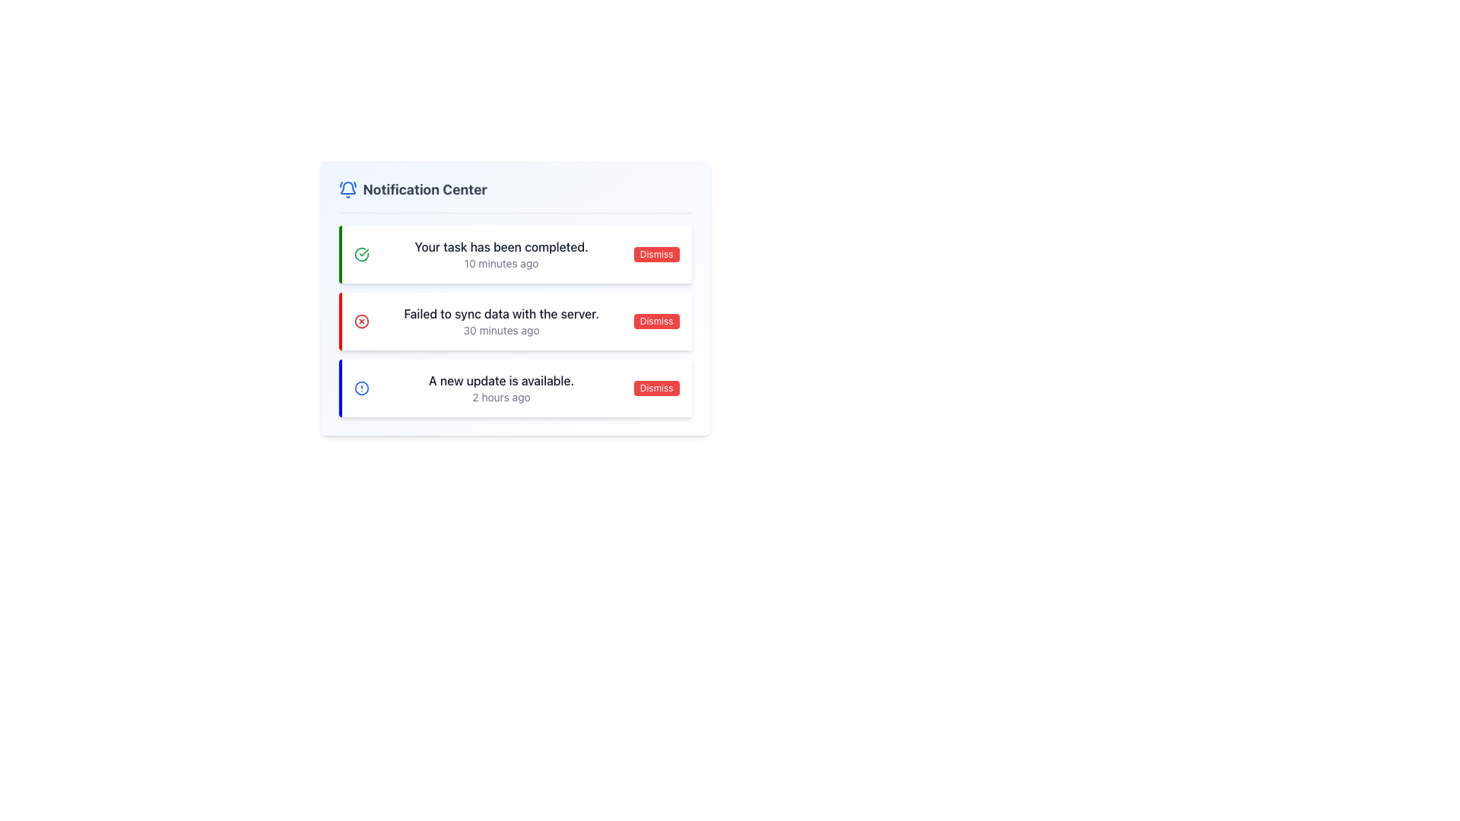  I want to click on the SVG circle element that serves as a boundary for the cross symbol in the second notification entry of the Notification Center interface, so click(360, 321).